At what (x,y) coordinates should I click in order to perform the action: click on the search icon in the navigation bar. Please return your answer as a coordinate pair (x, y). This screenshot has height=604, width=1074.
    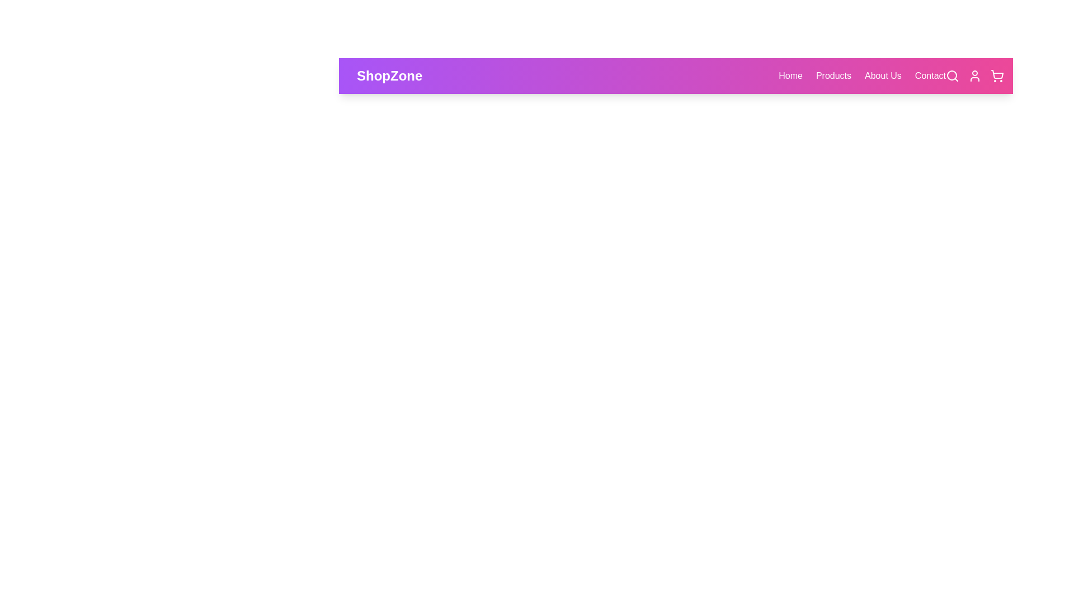
    Looking at the image, I should click on (952, 75).